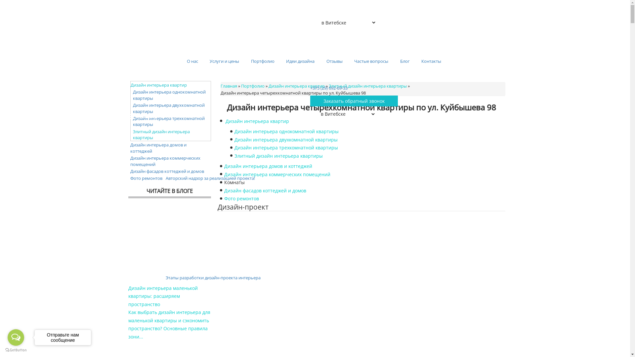 This screenshot has height=357, width=635. Describe the element at coordinates (329, 88) in the screenshot. I see `'+375 (29) 692-69-33'` at that location.